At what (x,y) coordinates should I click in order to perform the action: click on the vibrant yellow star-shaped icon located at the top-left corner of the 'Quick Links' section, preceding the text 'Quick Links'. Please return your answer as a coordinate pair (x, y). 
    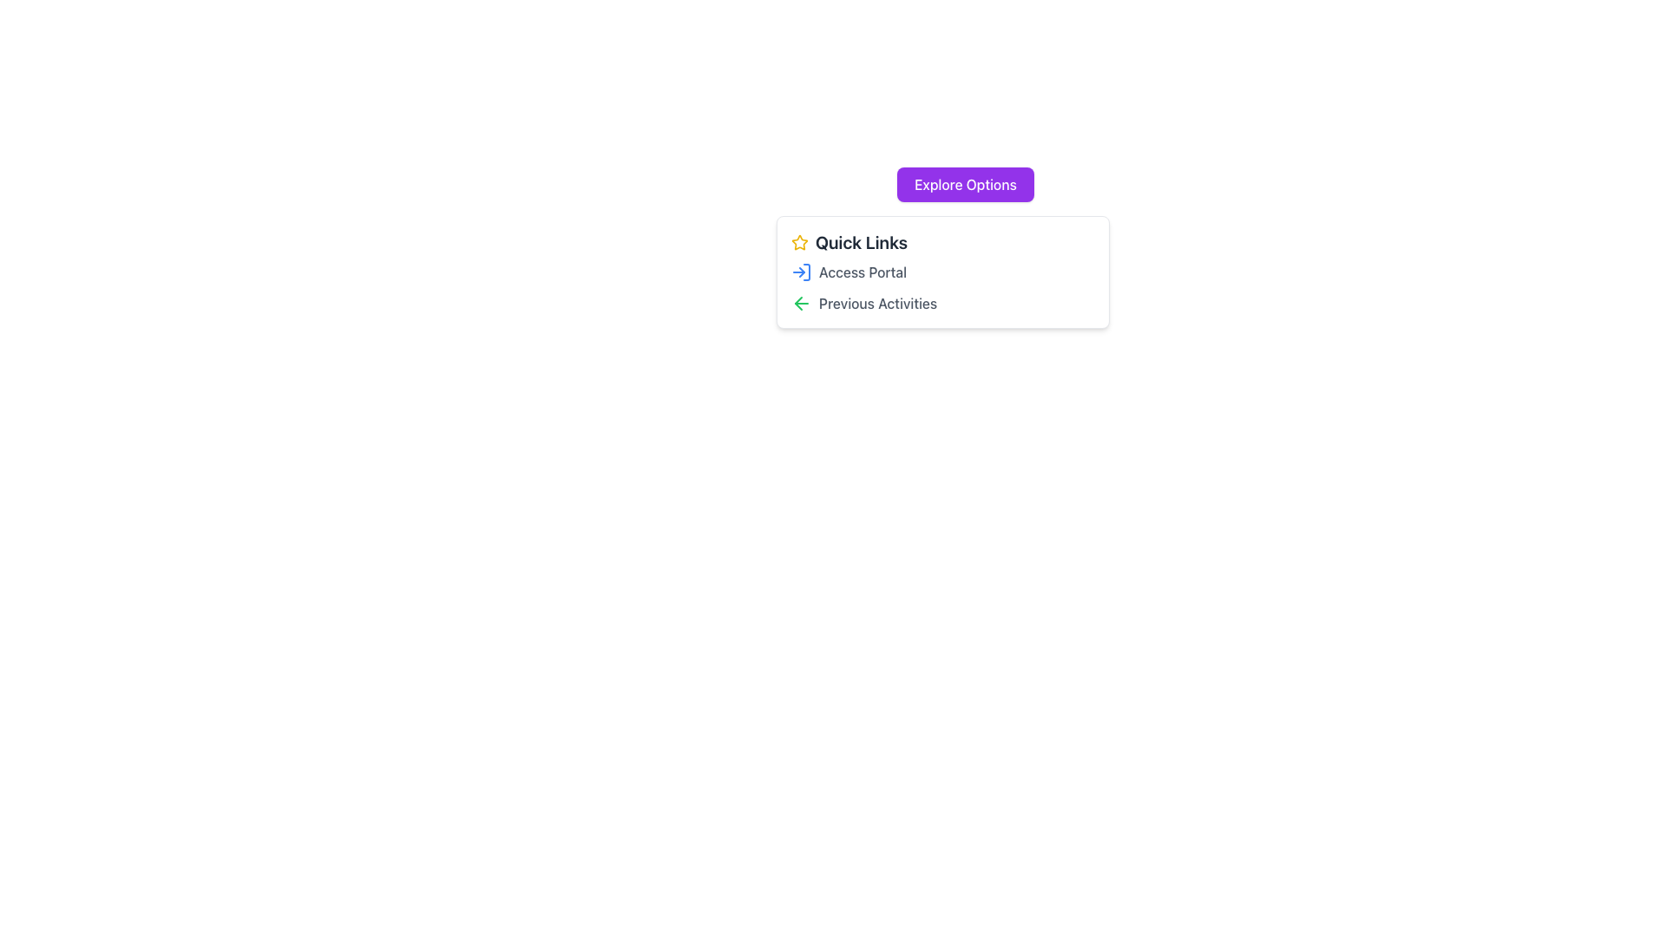
    Looking at the image, I should click on (798, 243).